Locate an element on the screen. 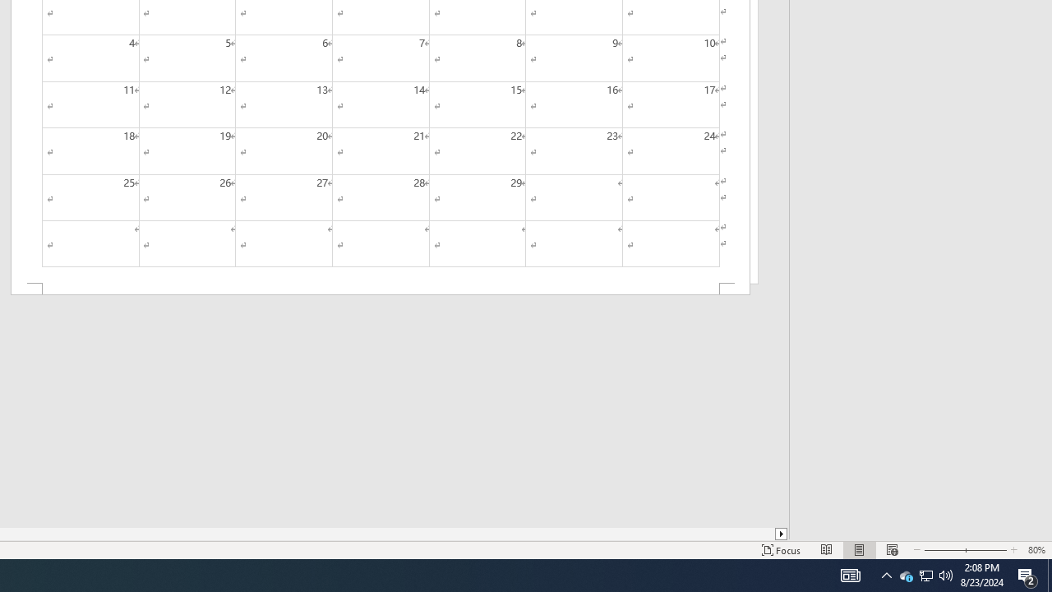  'Focus ' is located at coordinates (781, 550).